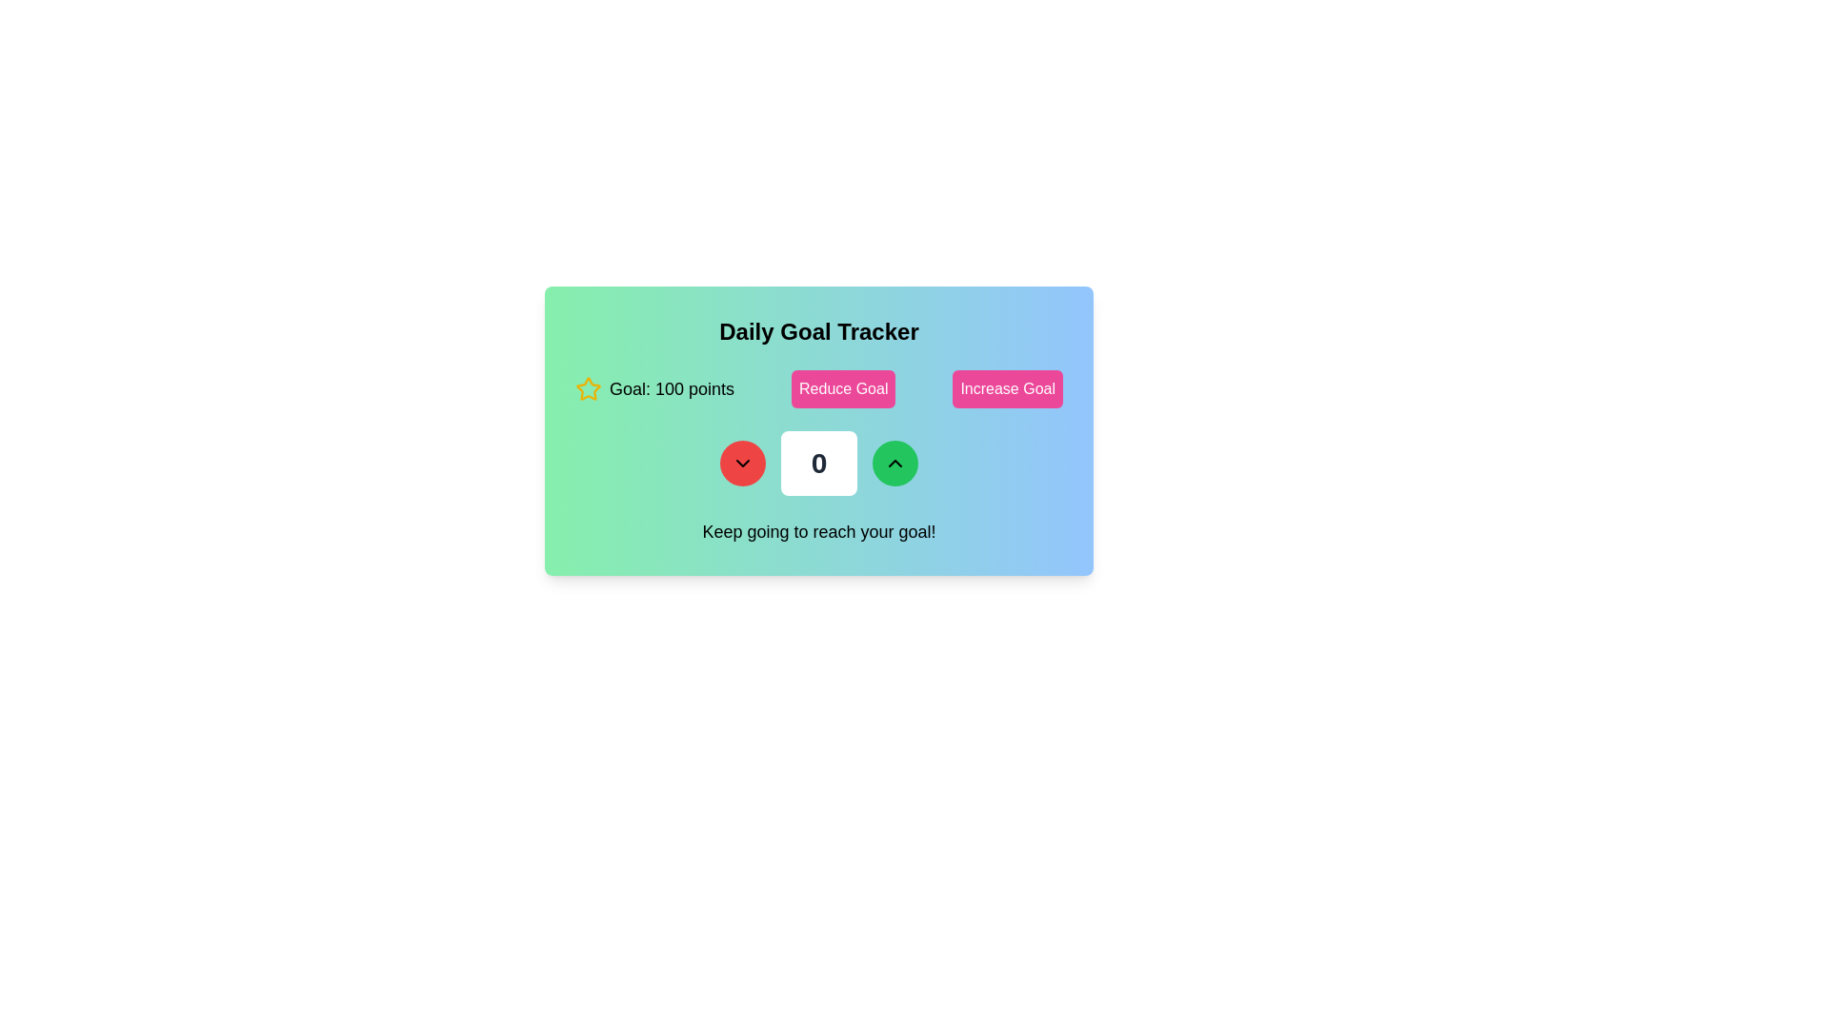 The image size is (1829, 1028). Describe the element at coordinates (818, 430) in the screenshot. I see `the numeric display of the goal tracker dashboard to update the value` at that location.